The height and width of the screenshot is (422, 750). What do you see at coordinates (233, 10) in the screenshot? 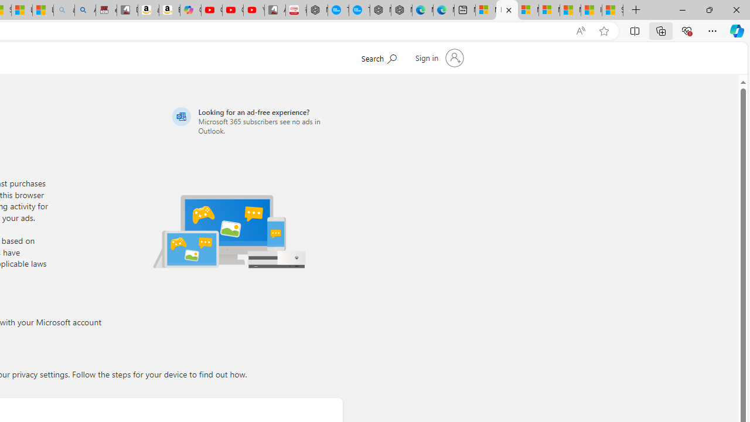
I see `'Gloom - YouTube'` at bounding box center [233, 10].